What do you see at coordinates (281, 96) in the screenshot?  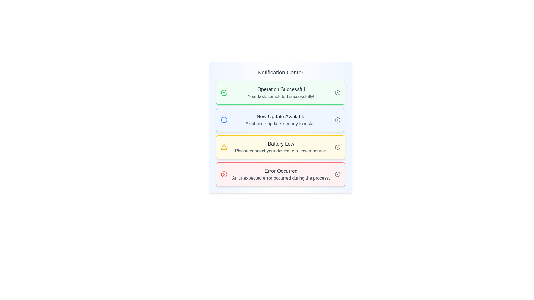 I see `the text label that reads 'Your task completed successfully!' which is located below the header 'Operation Successful' in a light green notification box` at bounding box center [281, 96].